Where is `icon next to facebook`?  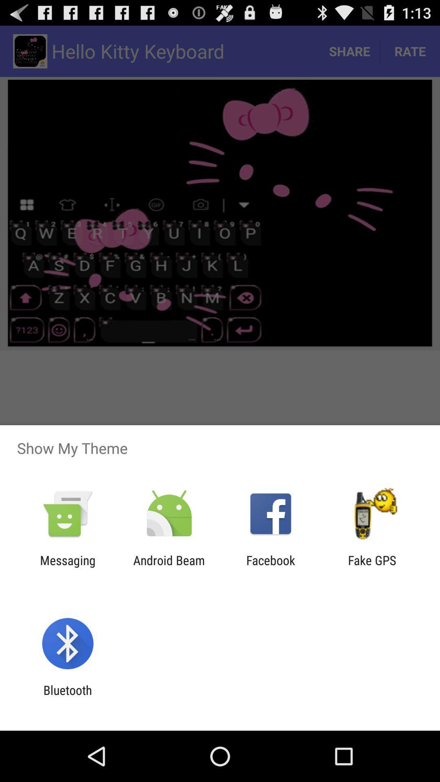
icon next to facebook is located at coordinates (169, 567).